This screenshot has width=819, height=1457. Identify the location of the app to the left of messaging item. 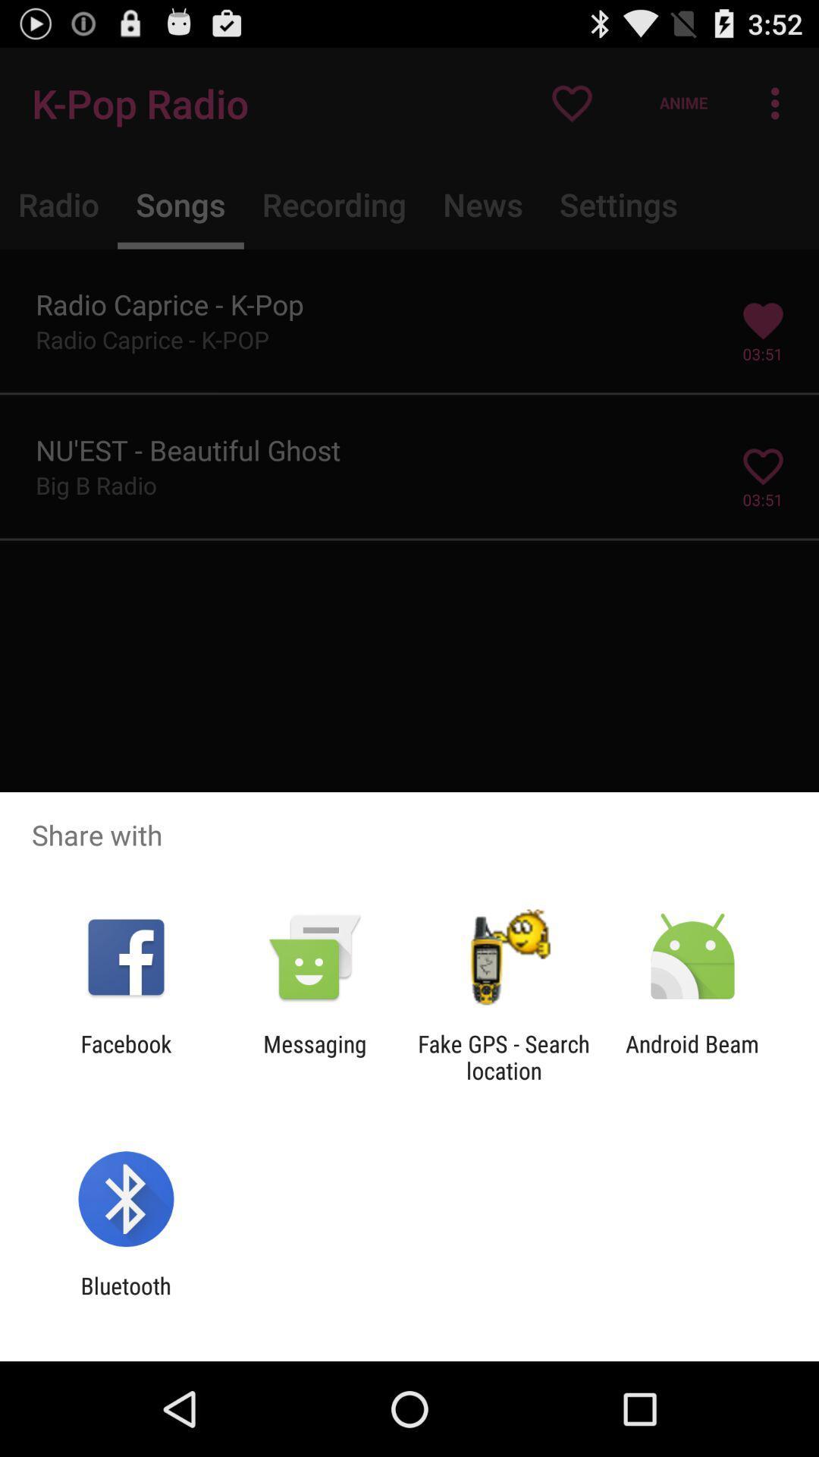
(125, 1056).